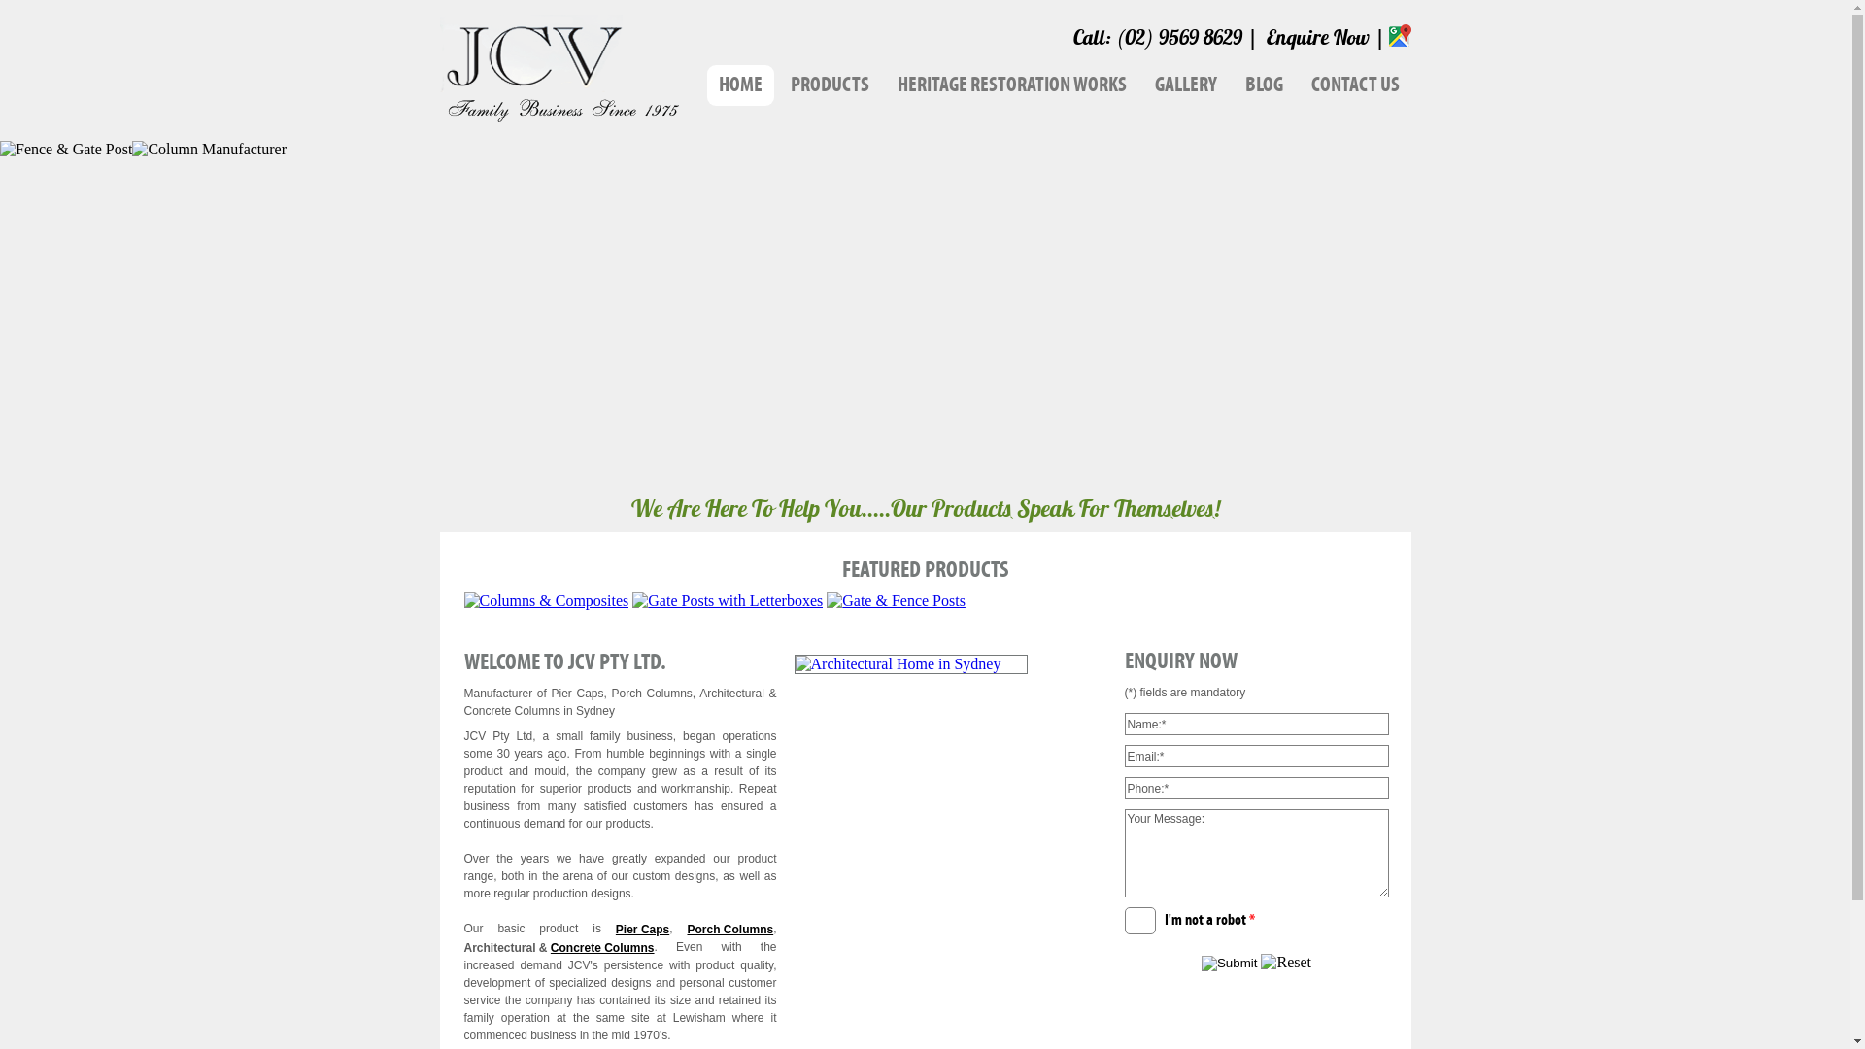  I want to click on 'PRODUCTS', so click(830, 85).